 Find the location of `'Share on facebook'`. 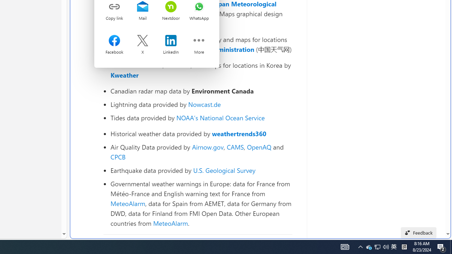

'Share on facebook' is located at coordinates (114, 41).